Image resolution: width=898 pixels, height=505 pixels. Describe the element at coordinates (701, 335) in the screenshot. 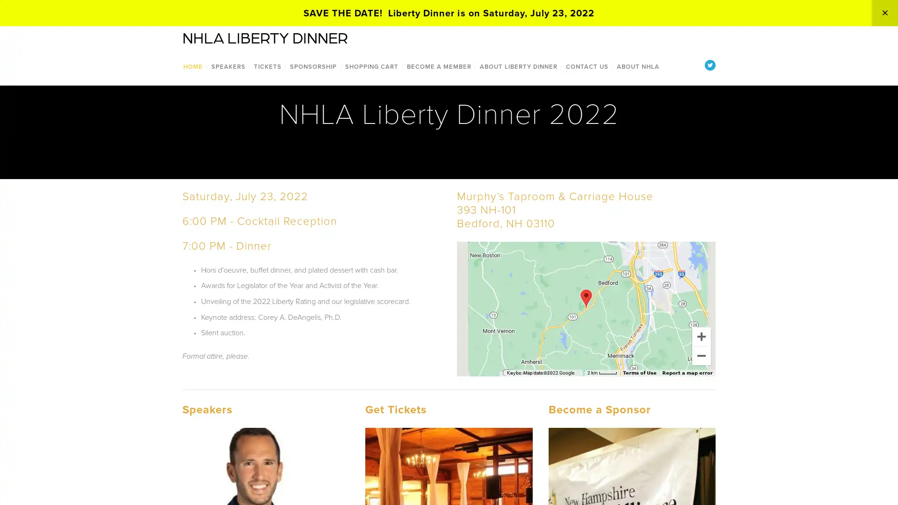

I see `Zoom in` at that location.